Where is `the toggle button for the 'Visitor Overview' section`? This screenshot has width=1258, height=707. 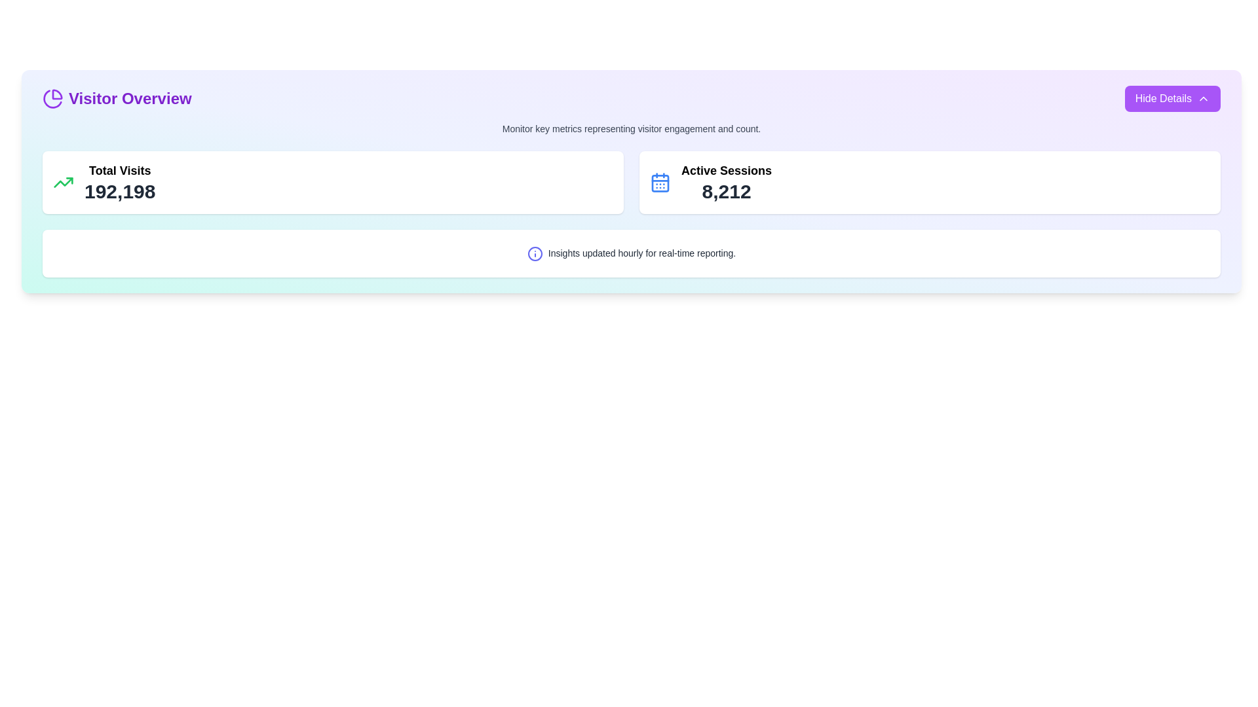
the toggle button for the 'Visitor Overview' section is located at coordinates (1172, 98).